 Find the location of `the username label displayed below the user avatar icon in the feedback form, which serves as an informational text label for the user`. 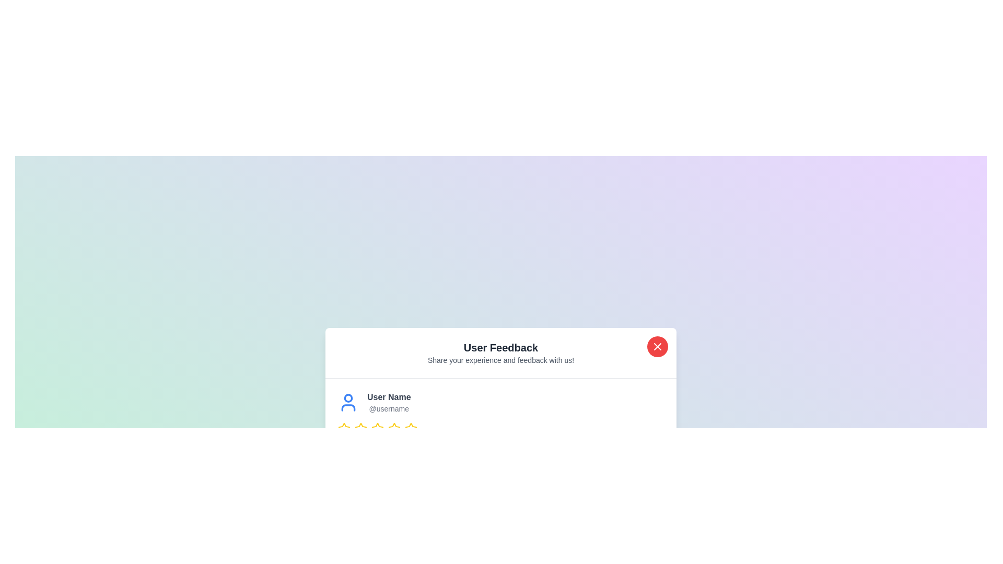

the username label displayed below the user avatar icon in the feedback form, which serves as an informational text label for the user is located at coordinates (388, 408).